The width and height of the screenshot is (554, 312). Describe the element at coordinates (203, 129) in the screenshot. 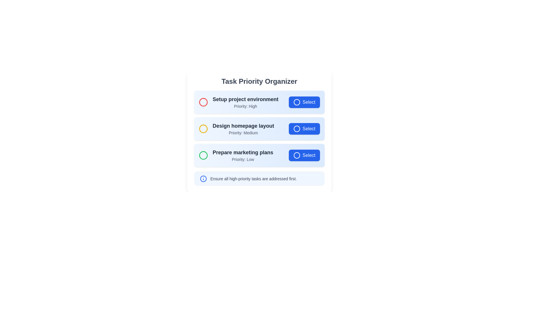

I see `the circular indicator icon that signifies the task status, located adjacent to the text 'Design homepage layout Priority: Medium'` at that location.